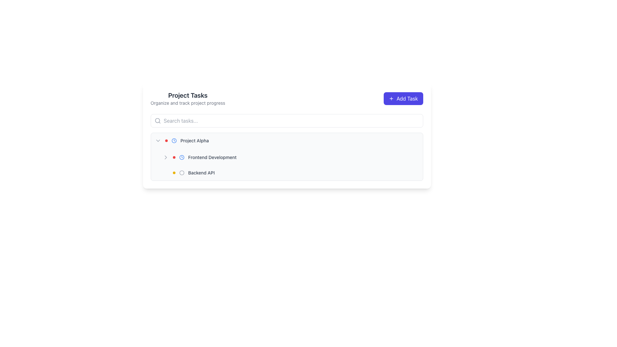  I want to click on the decorative hollow circle icon located to the right of the yellow dot indicator and to the left of the text 'Backend API' within the task entry list, so click(181, 172).